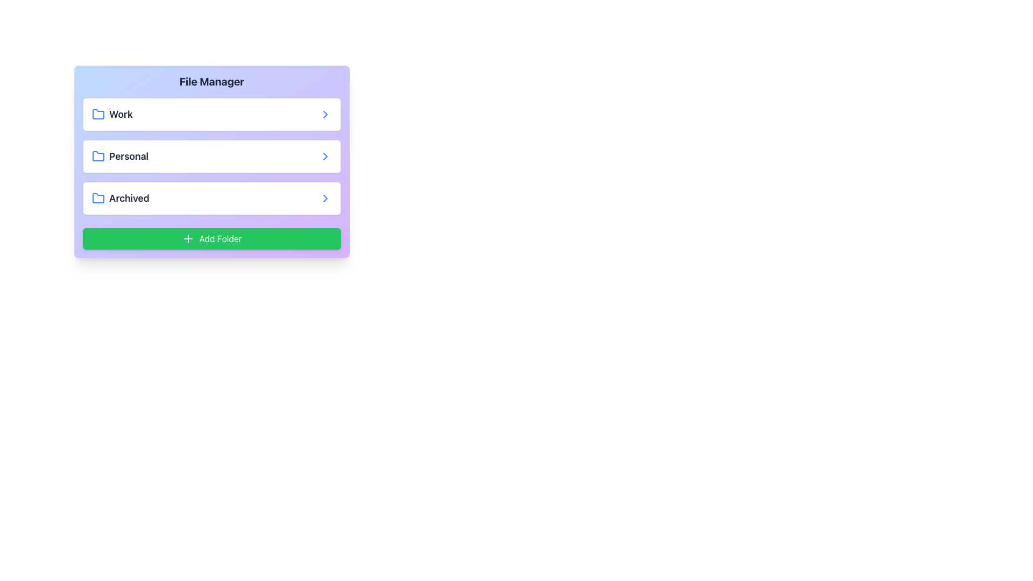  What do you see at coordinates (324, 114) in the screenshot?
I see `the chevron icon indicating navigation next to the 'Work' folder` at bounding box center [324, 114].